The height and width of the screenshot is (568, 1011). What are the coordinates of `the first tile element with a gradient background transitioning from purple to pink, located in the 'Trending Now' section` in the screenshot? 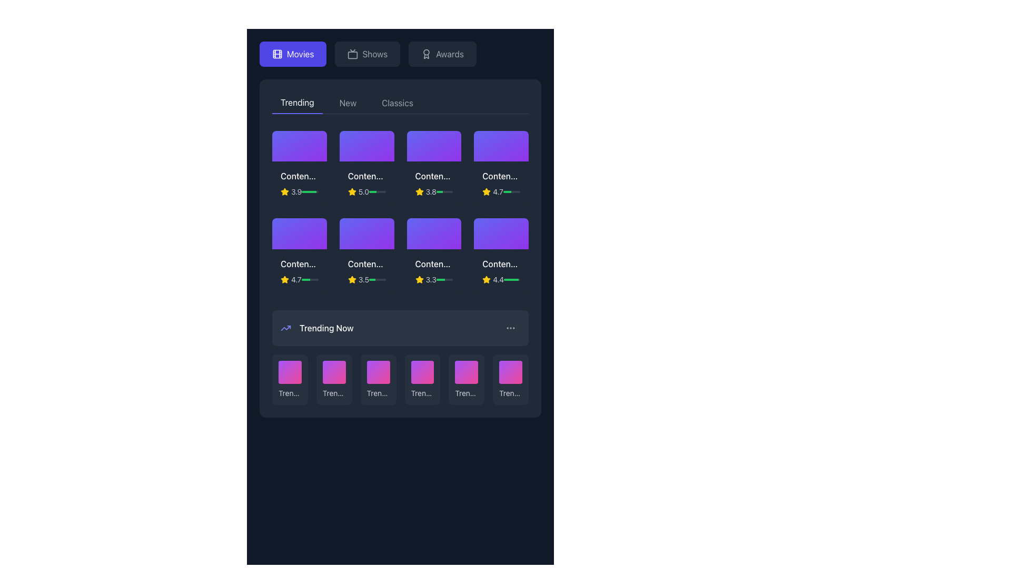 It's located at (290, 371).